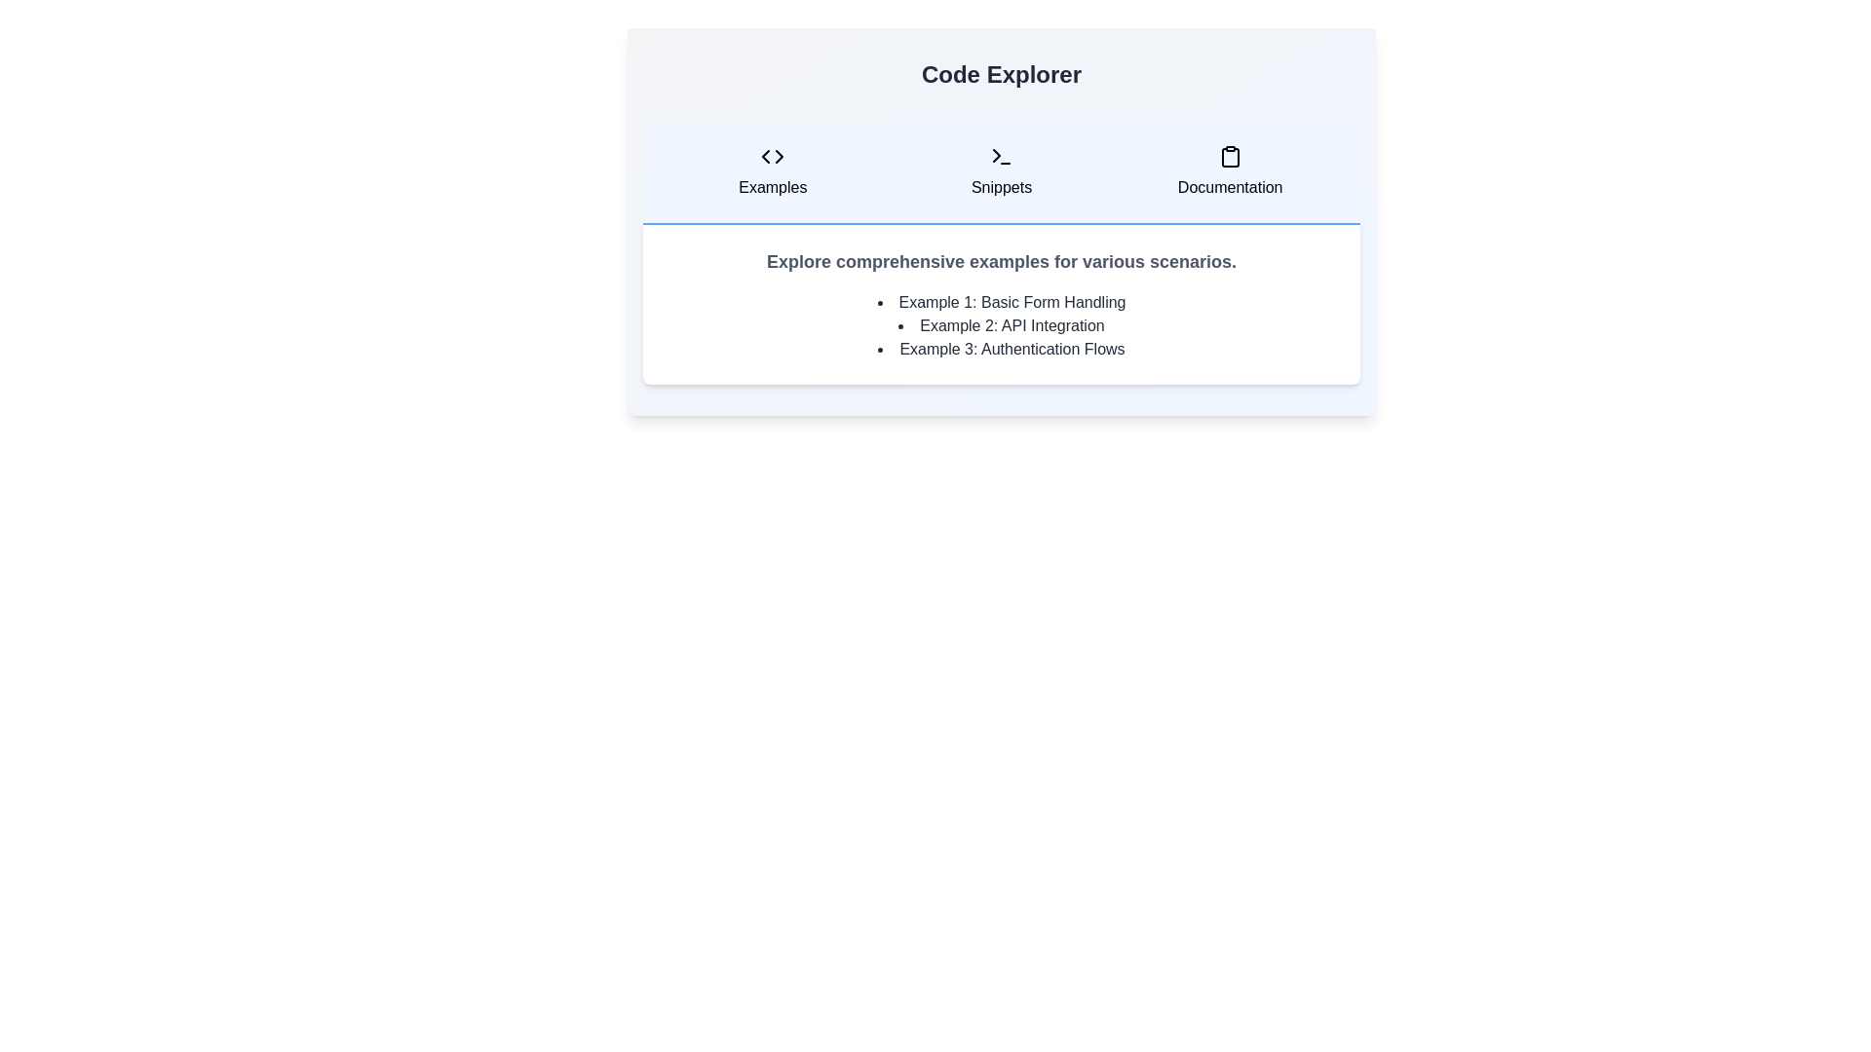 This screenshot has width=1871, height=1052. I want to click on the text label that says 'Example 2: API Integration' to potentially see more information, so click(1001, 325).